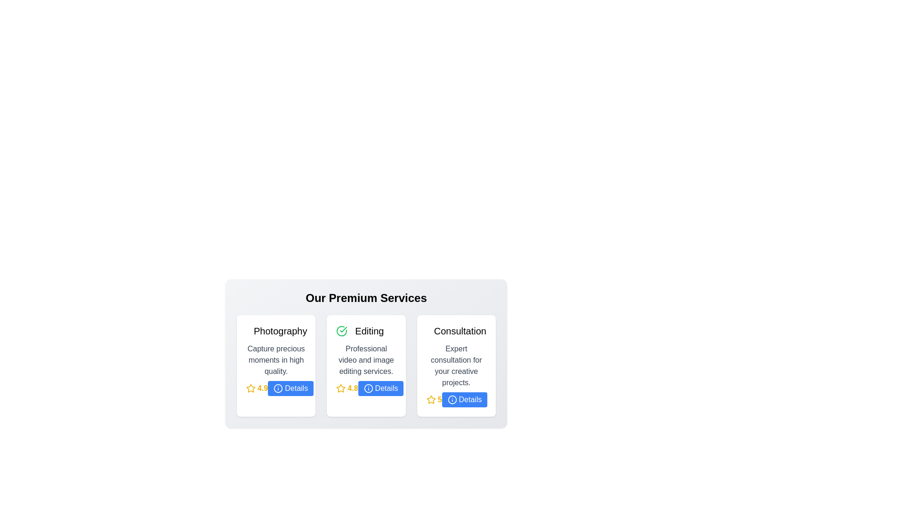  What do you see at coordinates (365, 365) in the screenshot?
I see `the service card for Editing to observe the hover effect` at bounding box center [365, 365].